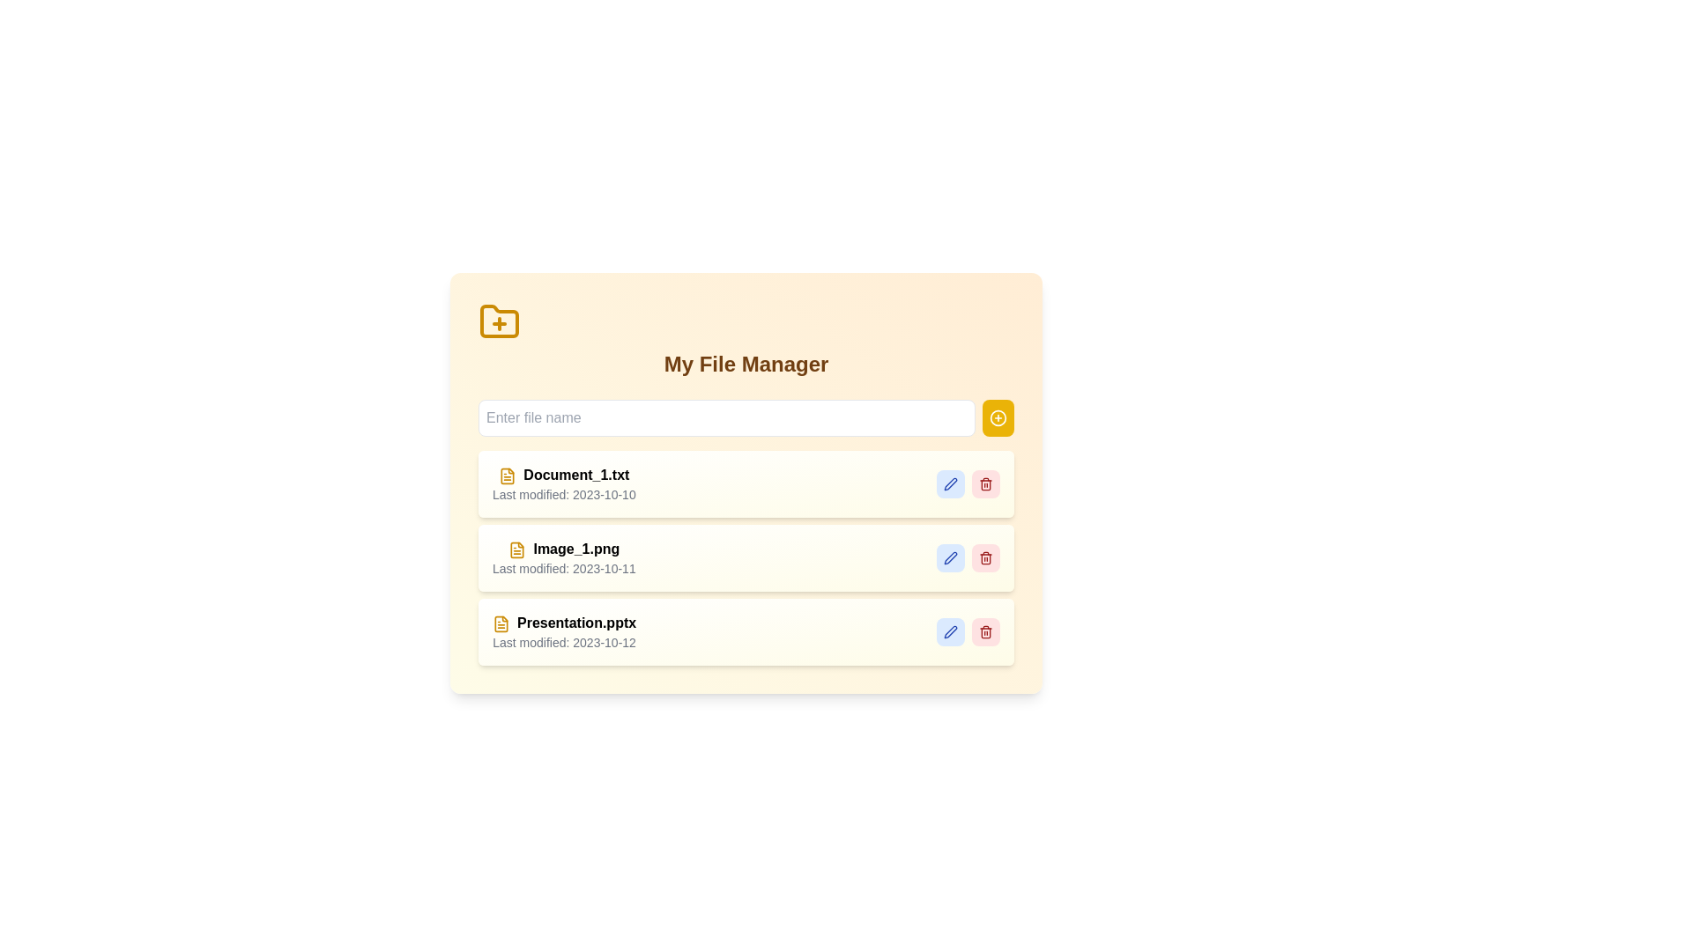  I want to click on the edit button for the file 'Presentation.pptx', which is the first button in a horizontal arrangement of two buttons located at the right end of the row, so click(950, 630).